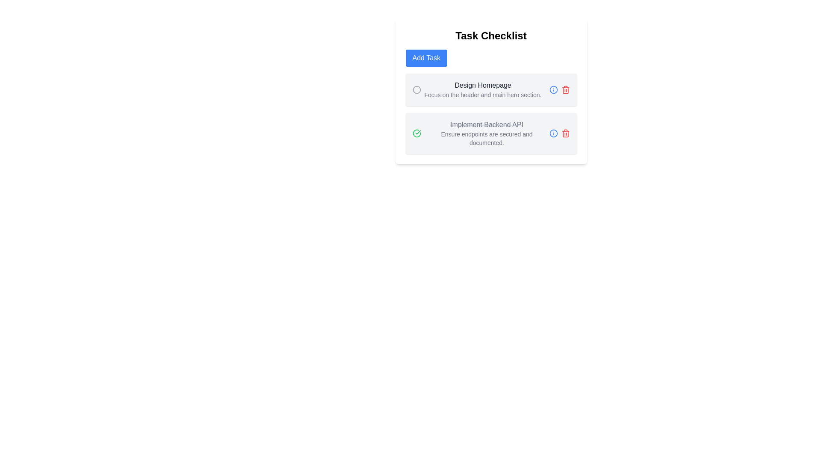  What do you see at coordinates (491, 36) in the screenshot?
I see `text of the Text Header located at the top of the card-like layout, which serves as the title for the content underneath` at bounding box center [491, 36].